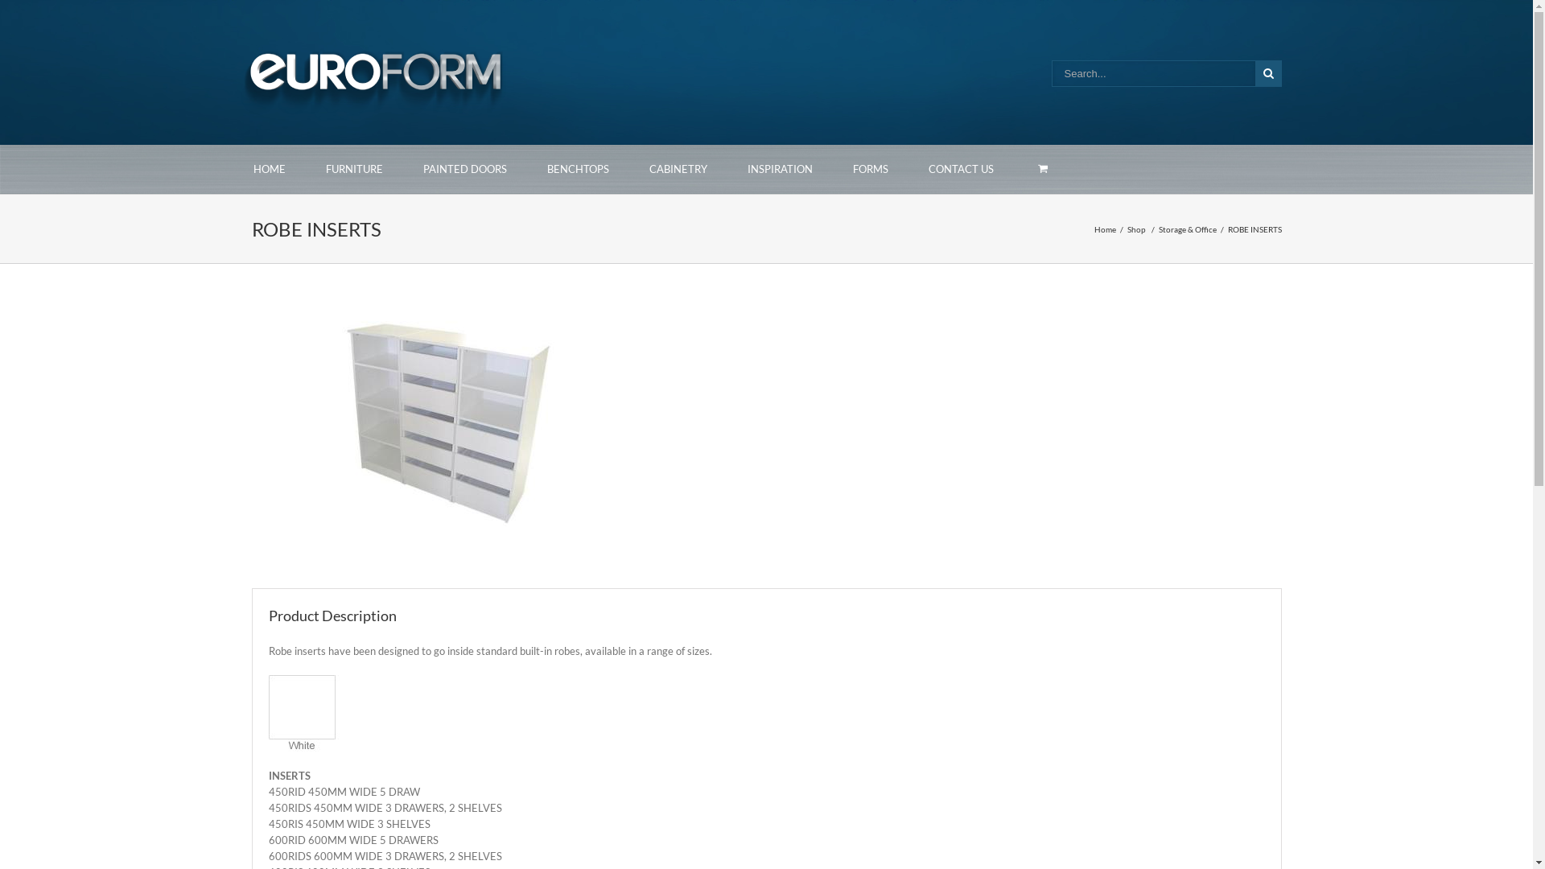 This screenshot has height=869, width=1545. Describe the element at coordinates (353, 169) in the screenshot. I see `'FURNITURE'` at that location.